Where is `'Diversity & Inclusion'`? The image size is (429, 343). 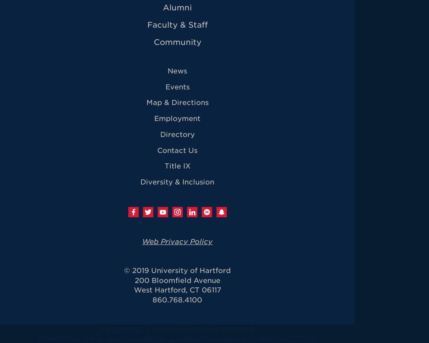 'Diversity & Inclusion' is located at coordinates (177, 181).